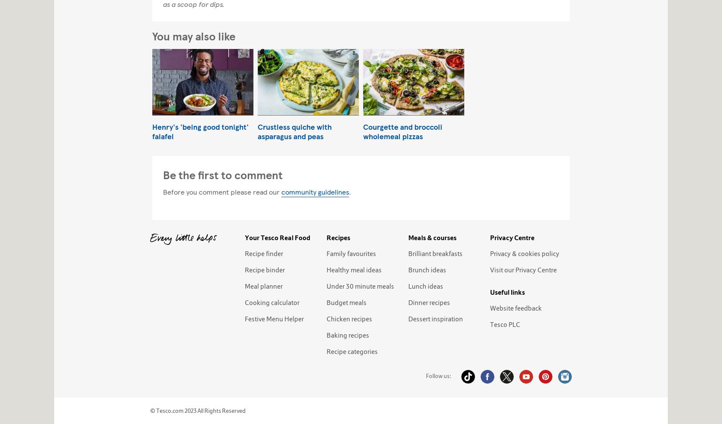  What do you see at coordinates (349, 318) in the screenshot?
I see `'Chicken recipes'` at bounding box center [349, 318].